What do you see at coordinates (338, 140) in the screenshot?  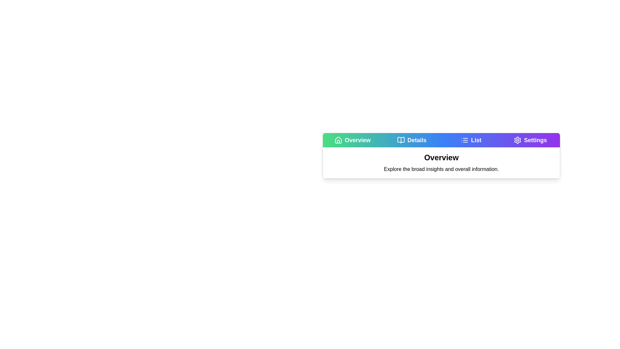 I see `the house icon located` at bounding box center [338, 140].